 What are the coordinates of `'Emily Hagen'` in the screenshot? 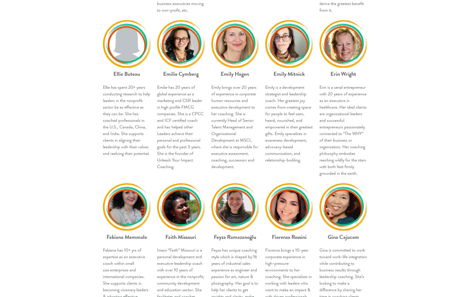 It's located at (235, 74).